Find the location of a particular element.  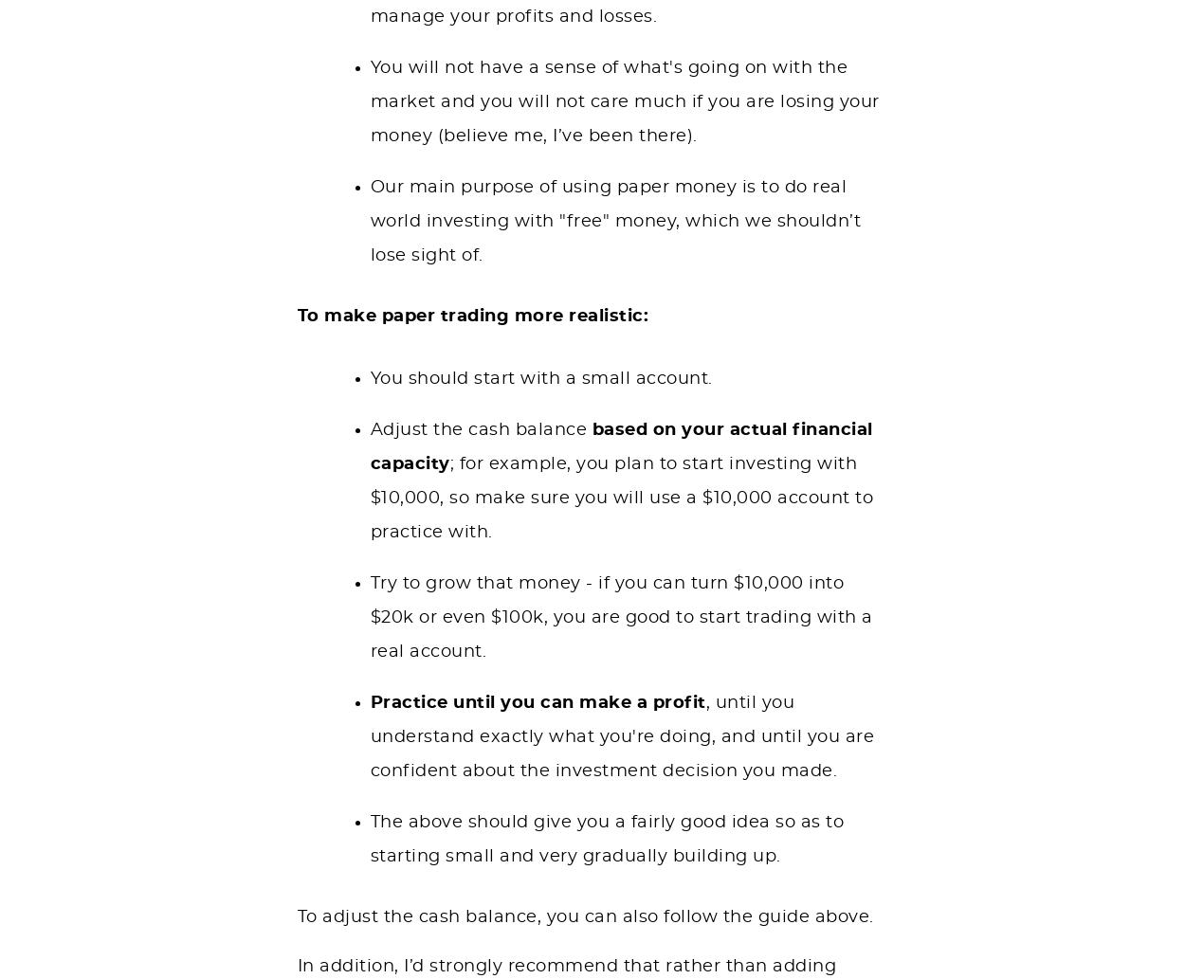

'Practice until you can make a profit' is located at coordinates (537, 701).